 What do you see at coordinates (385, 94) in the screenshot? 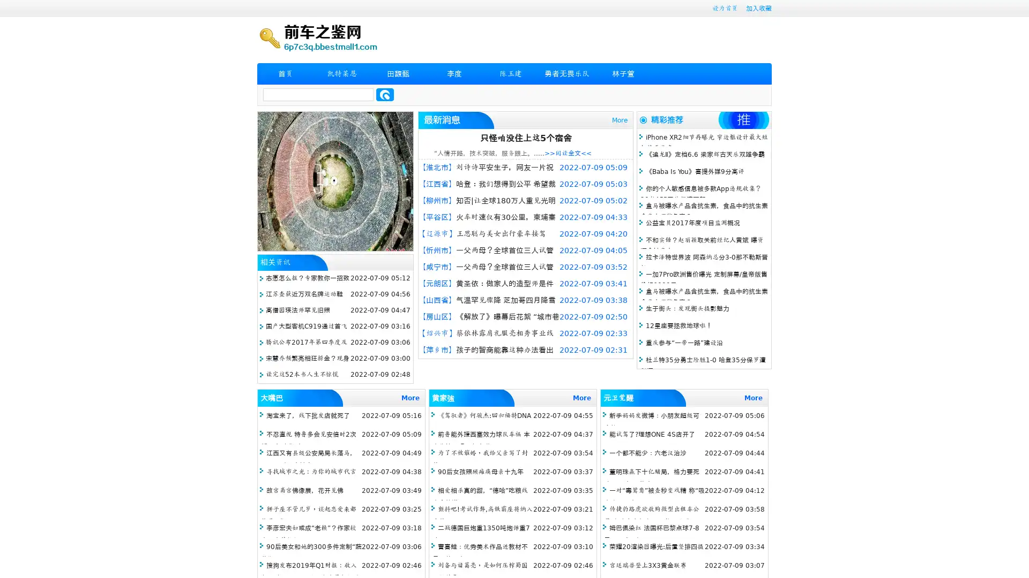
I see `Search` at bounding box center [385, 94].